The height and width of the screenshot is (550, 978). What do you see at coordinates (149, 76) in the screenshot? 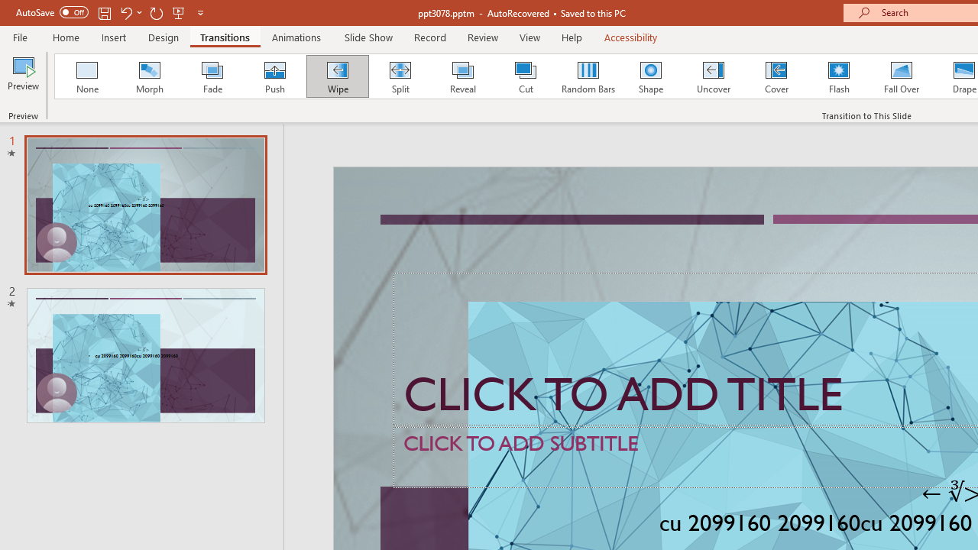
I see `'Morph'` at bounding box center [149, 76].